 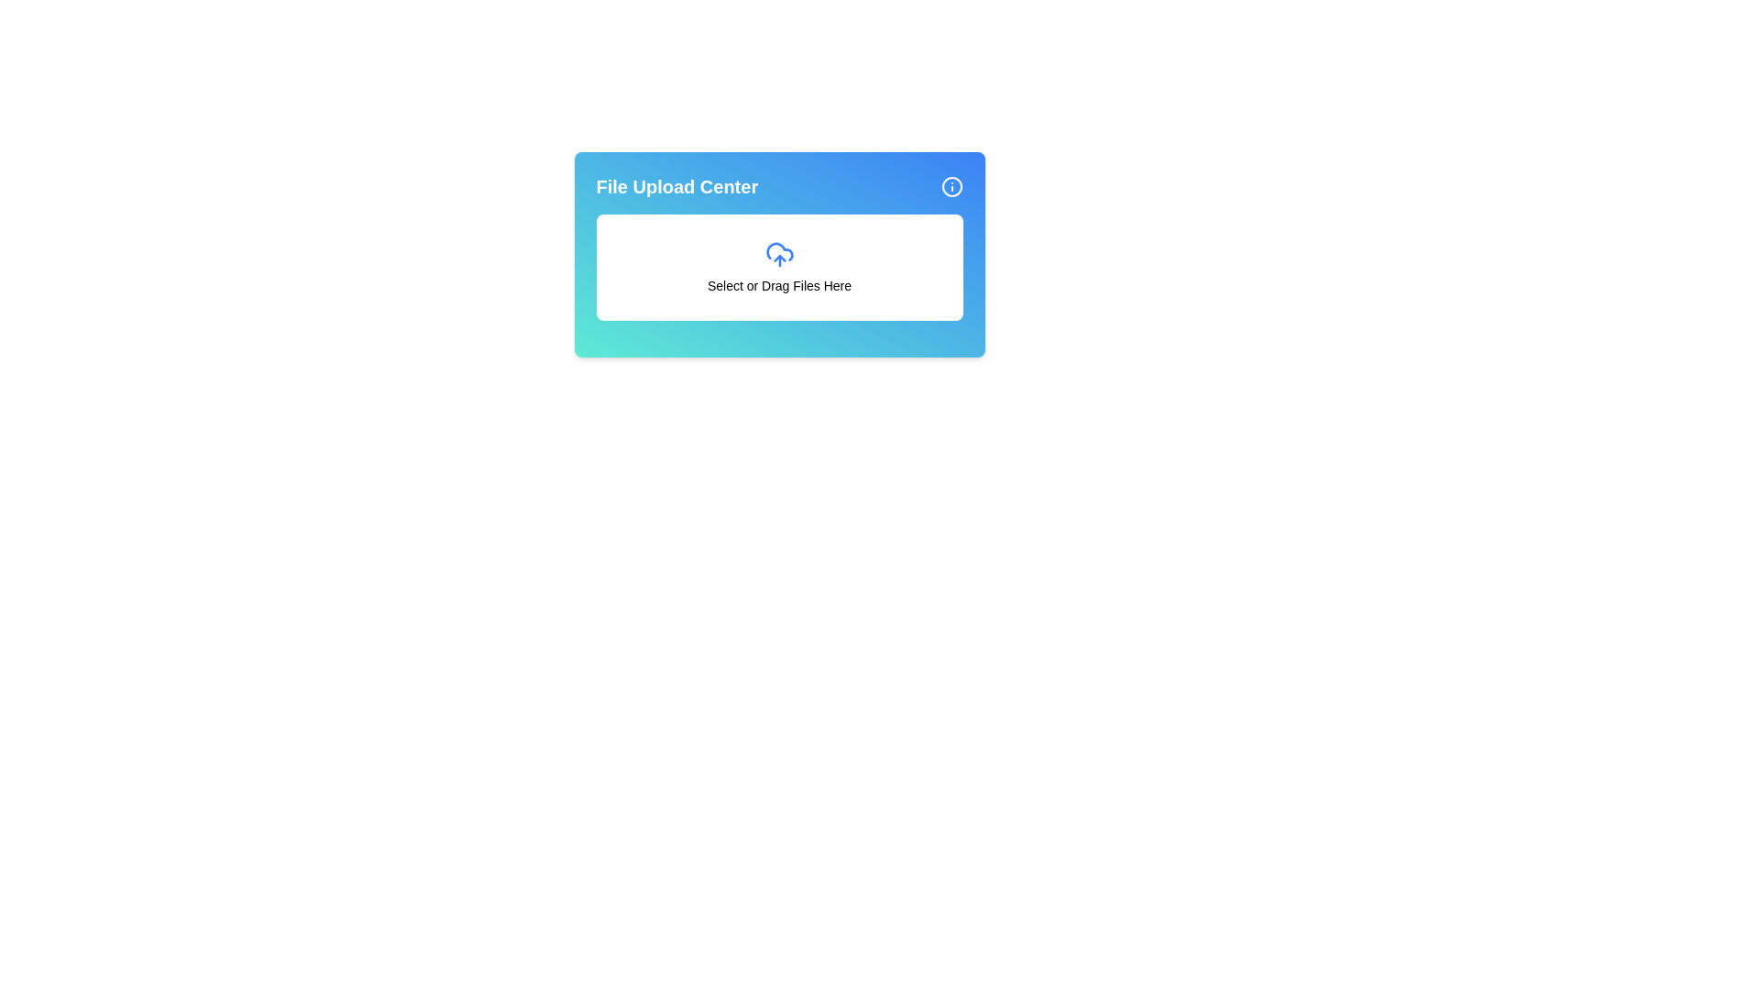 I want to click on the circular information icon with a white stroke on a blue background, positioned at the top-right corner of the 'File Upload Center' header, so click(x=951, y=187).